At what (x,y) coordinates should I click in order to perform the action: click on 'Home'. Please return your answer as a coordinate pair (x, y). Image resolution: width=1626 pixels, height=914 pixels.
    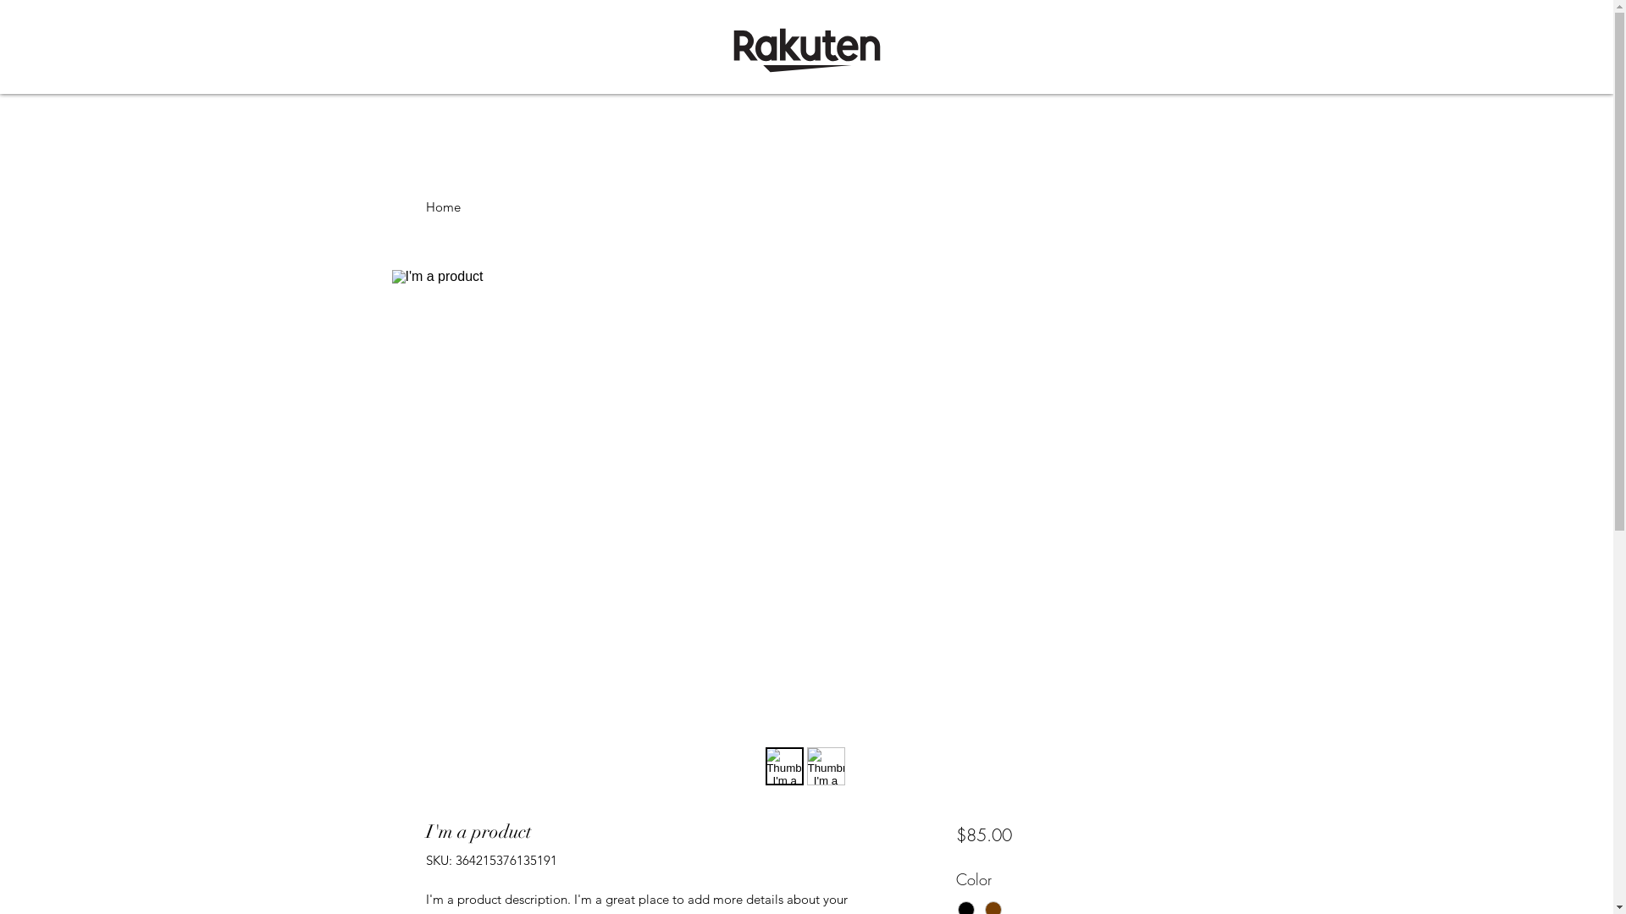
    Looking at the image, I should click on (442, 206).